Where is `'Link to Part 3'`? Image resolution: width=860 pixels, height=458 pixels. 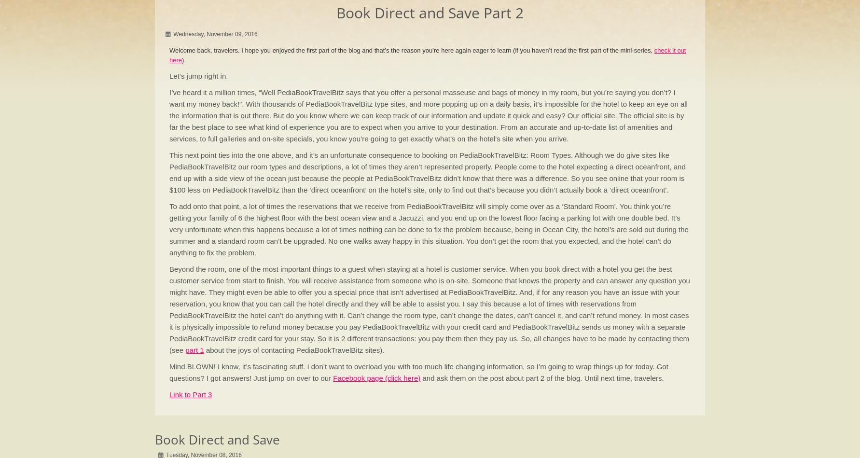 'Link to Part 3' is located at coordinates (169, 394).